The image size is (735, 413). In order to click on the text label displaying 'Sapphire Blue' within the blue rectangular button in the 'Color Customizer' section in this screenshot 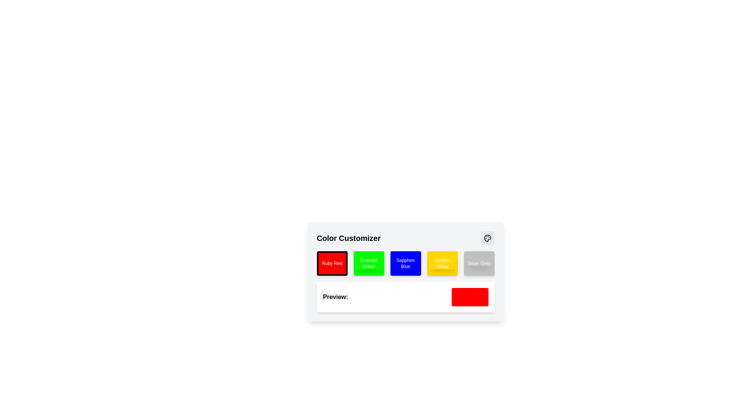, I will do `click(405, 263)`.